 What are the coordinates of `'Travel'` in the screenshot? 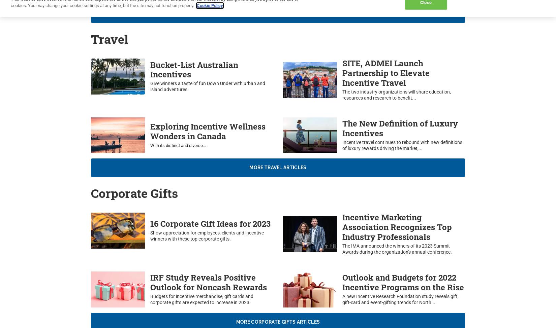 It's located at (91, 39).